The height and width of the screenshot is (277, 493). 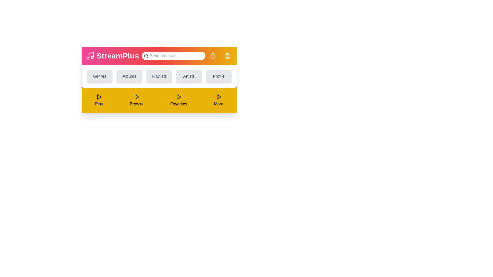 What do you see at coordinates (188, 76) in the screenshot?
I see `the 'Artists' button to navigate to the artists section` at bounding box center [188, 76].